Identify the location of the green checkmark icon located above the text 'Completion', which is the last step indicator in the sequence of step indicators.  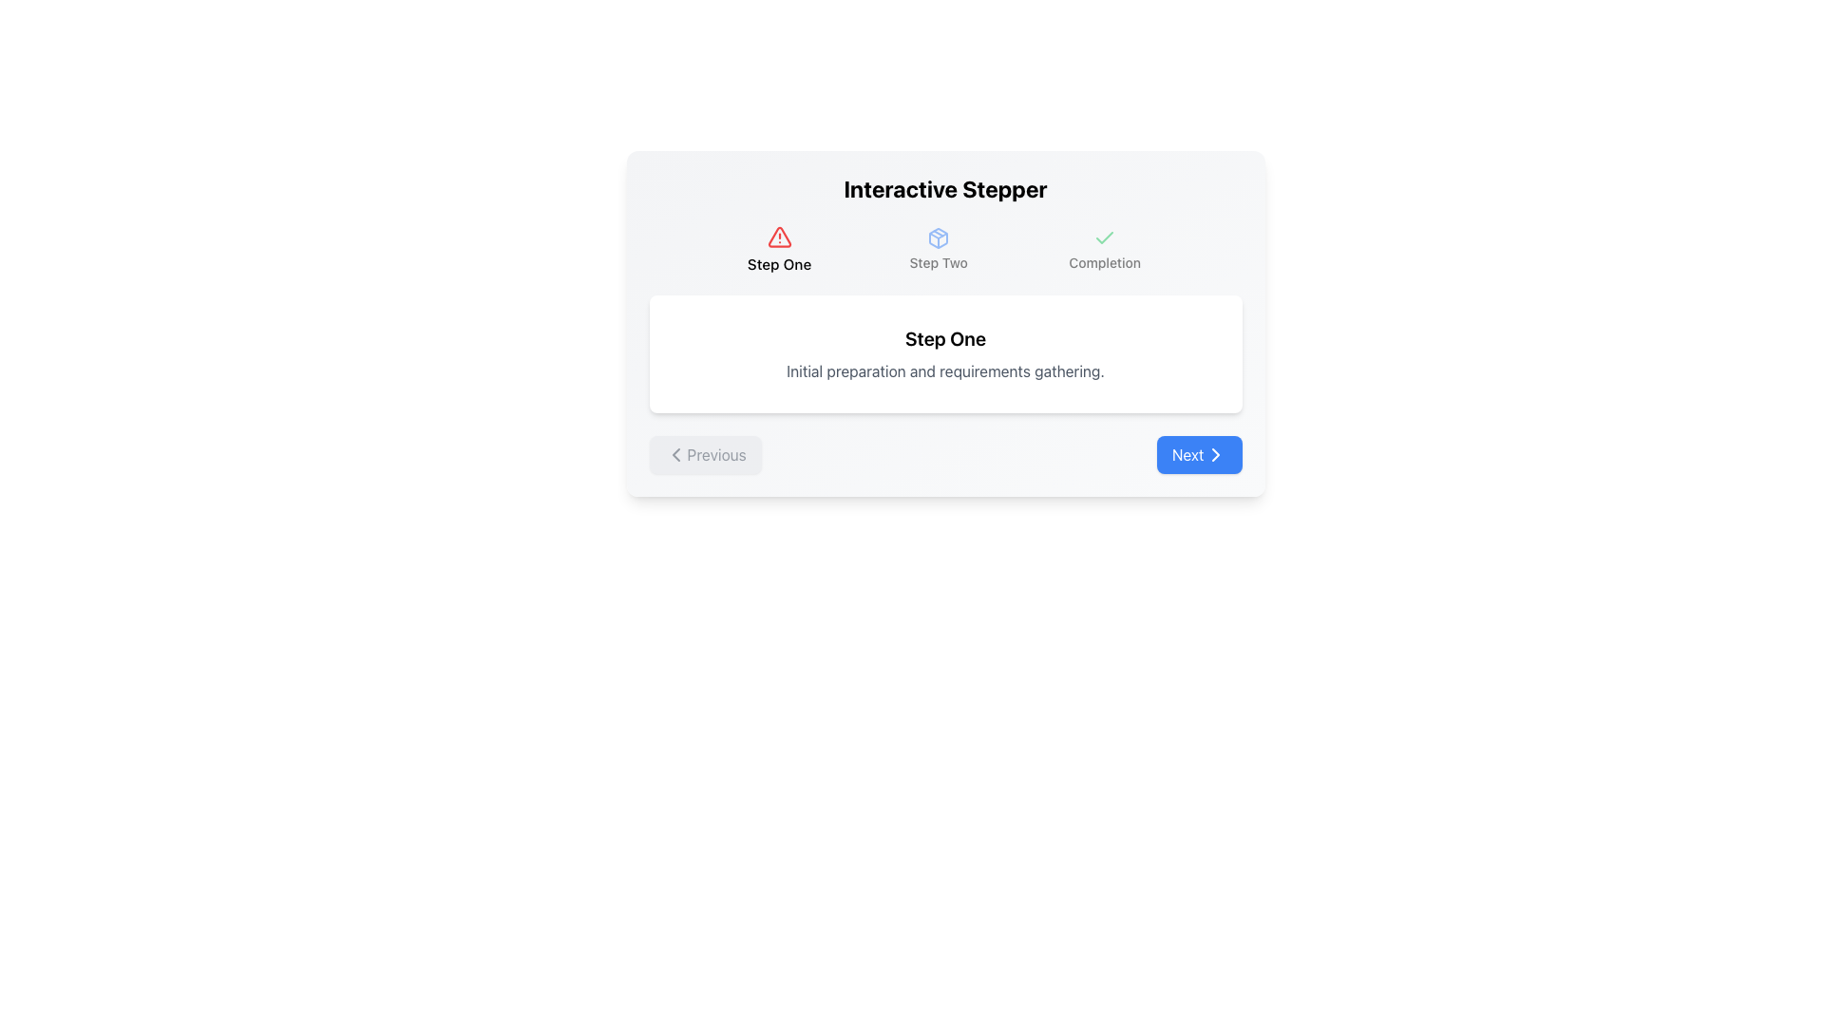
(1105, 237).